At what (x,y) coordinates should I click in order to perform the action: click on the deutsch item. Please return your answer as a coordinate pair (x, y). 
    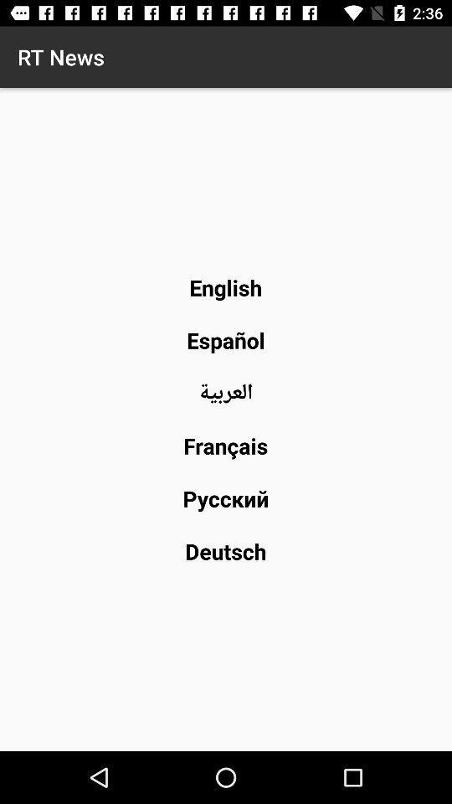
    Looking at the image, I should click on (225, 550).